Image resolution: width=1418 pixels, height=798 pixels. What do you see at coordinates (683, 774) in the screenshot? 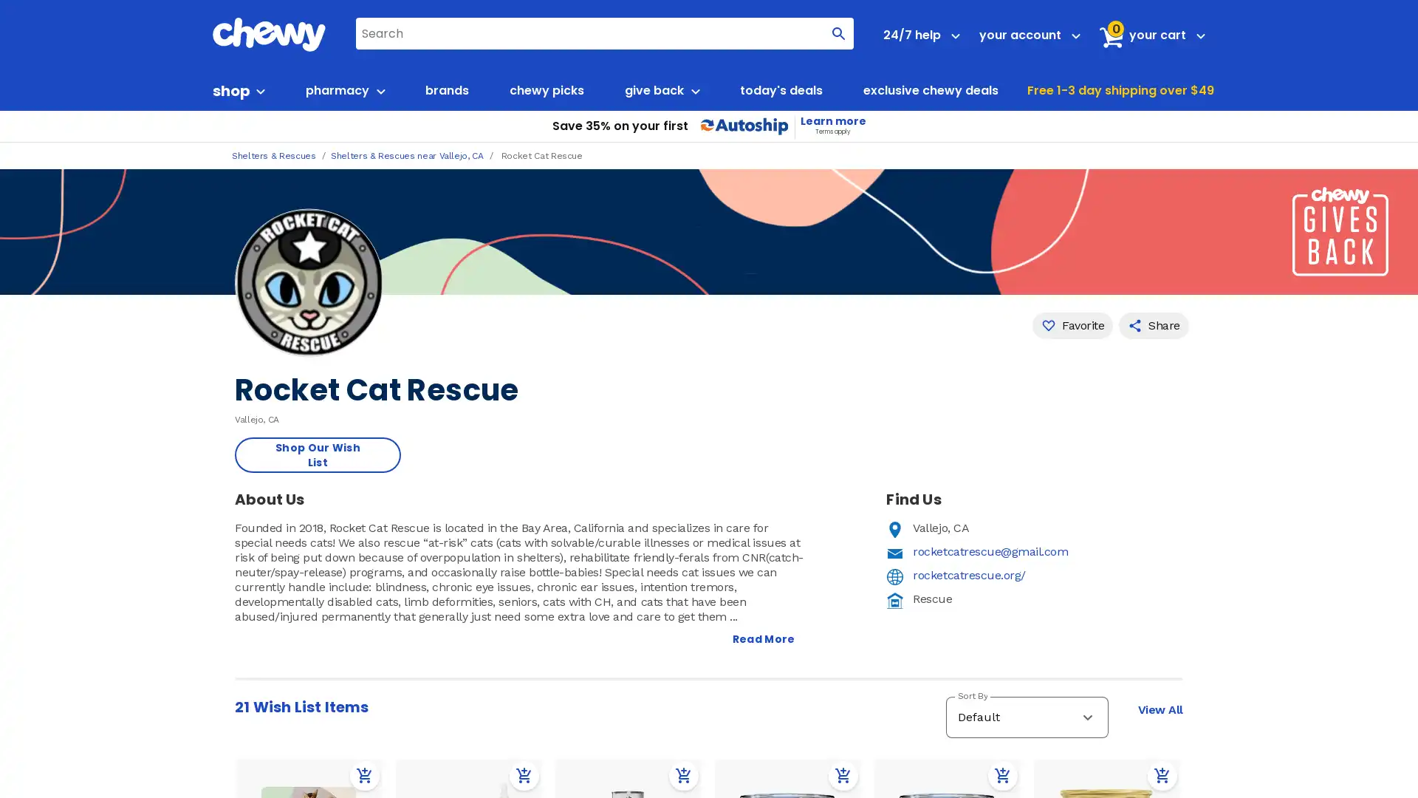
I see `Add 1 item to cart. Triumph Chicken 'N Liver Formula Canned Cat Food, 13.2-oz, case of 12` at bounding box center [683, 774].